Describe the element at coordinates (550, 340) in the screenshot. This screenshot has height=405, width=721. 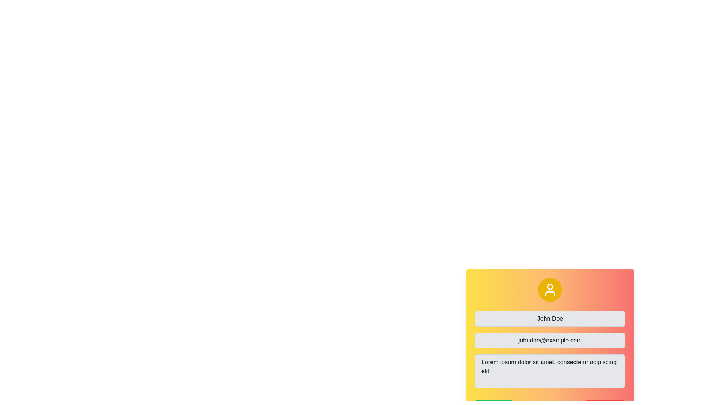
I see `the email input field located between the 'John Doe' input field above and the text area below` at that location.